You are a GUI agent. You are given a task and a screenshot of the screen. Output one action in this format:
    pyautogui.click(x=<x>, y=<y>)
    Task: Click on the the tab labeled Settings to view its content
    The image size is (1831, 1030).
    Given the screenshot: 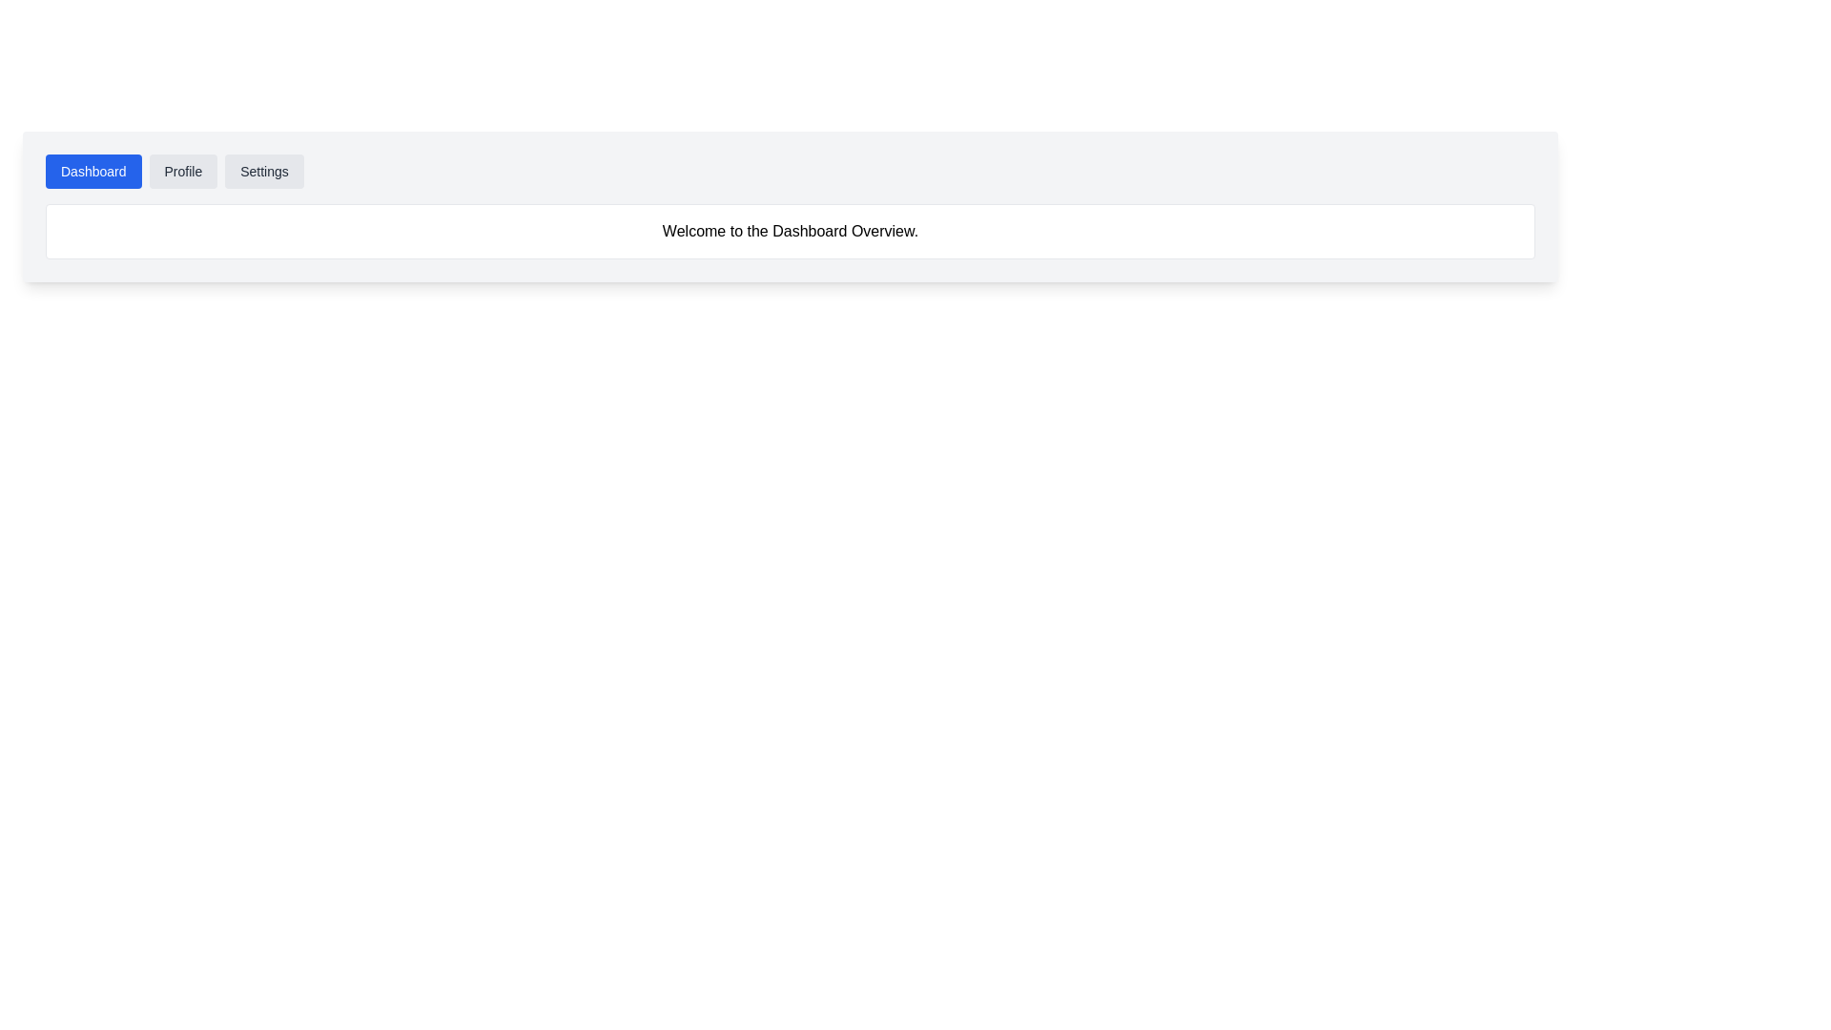 What is the action you would take?
    pyautogui.click(x=263, y=172)
    